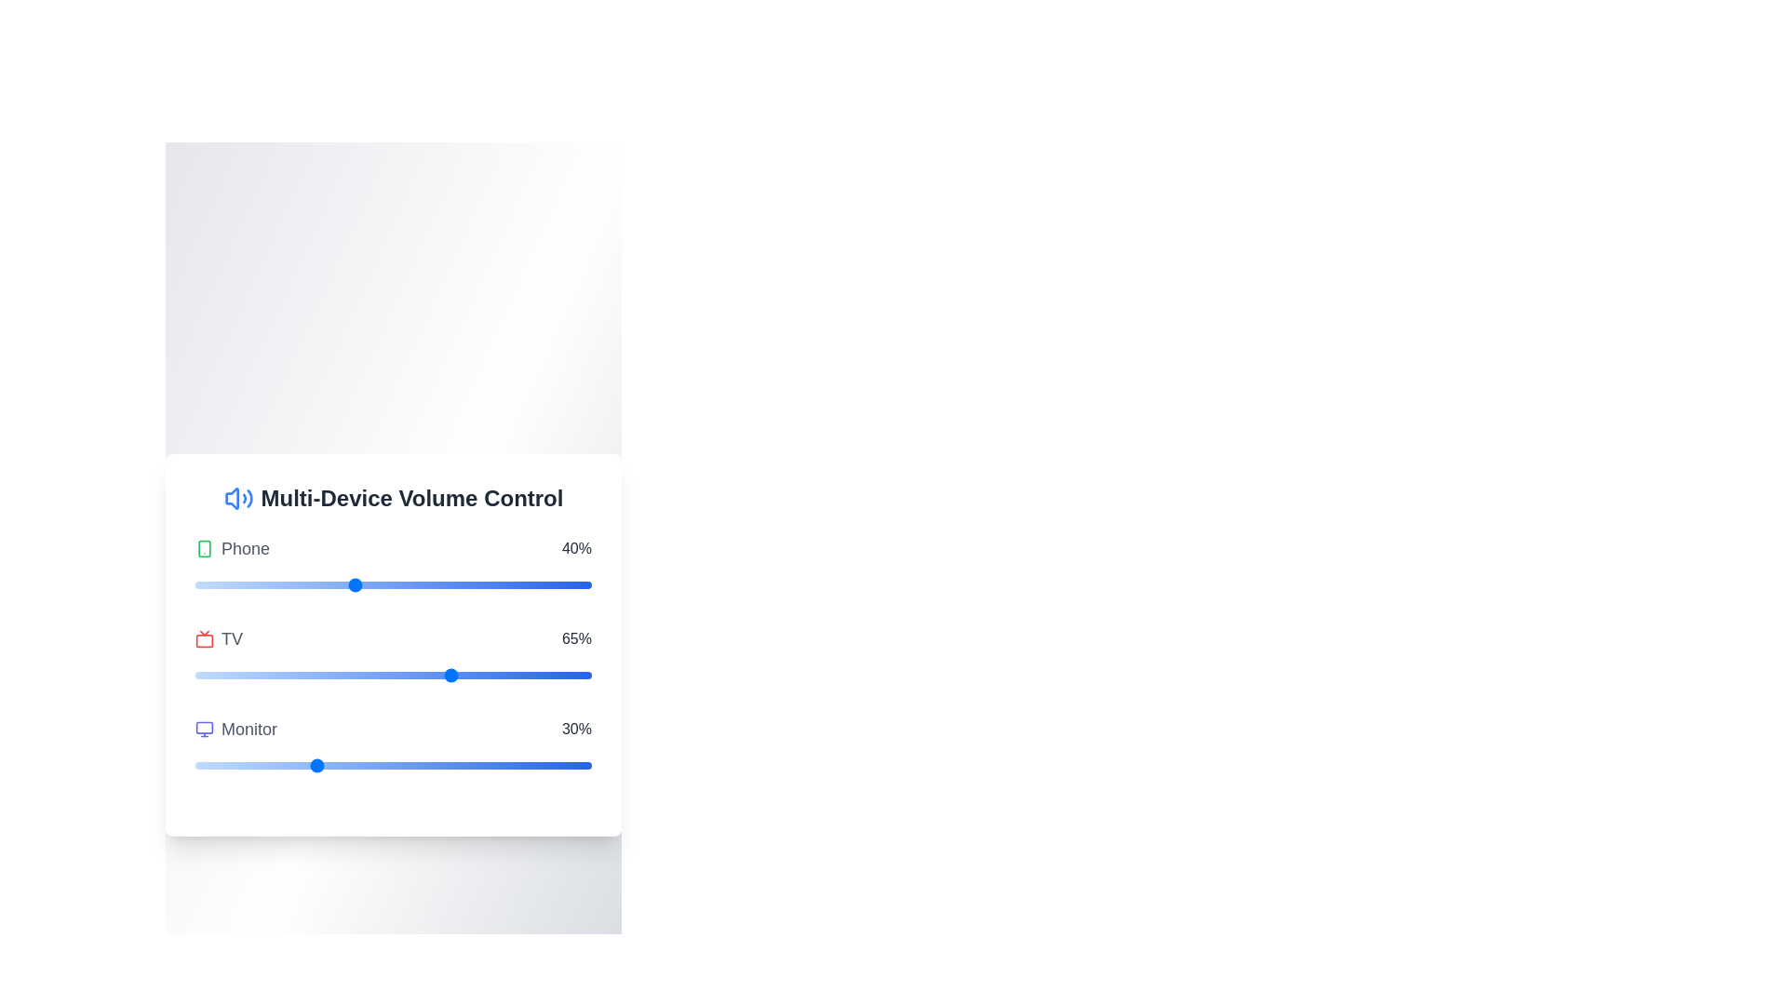 The height and width of the screenshot is (1005, 1787). What do you see at coordinates (392, 497) in the screenshot?
I see `title 'Multi-Device Volume Control' which is a bold header text located at the top section of a rounded-corner card with a blue volume icon to its left` at bounding box center [392, 497].